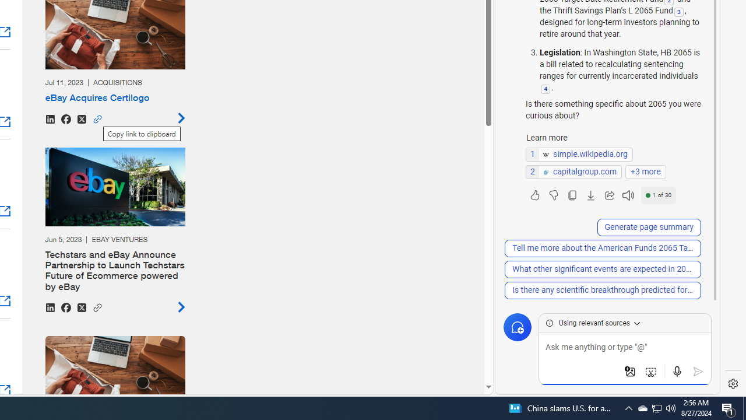 The width and height of the screenshot is (746, 420). Describe the element at coordinates (80, 306) in the screenshot. I see `'Share on X (Twitter)'` at that location.